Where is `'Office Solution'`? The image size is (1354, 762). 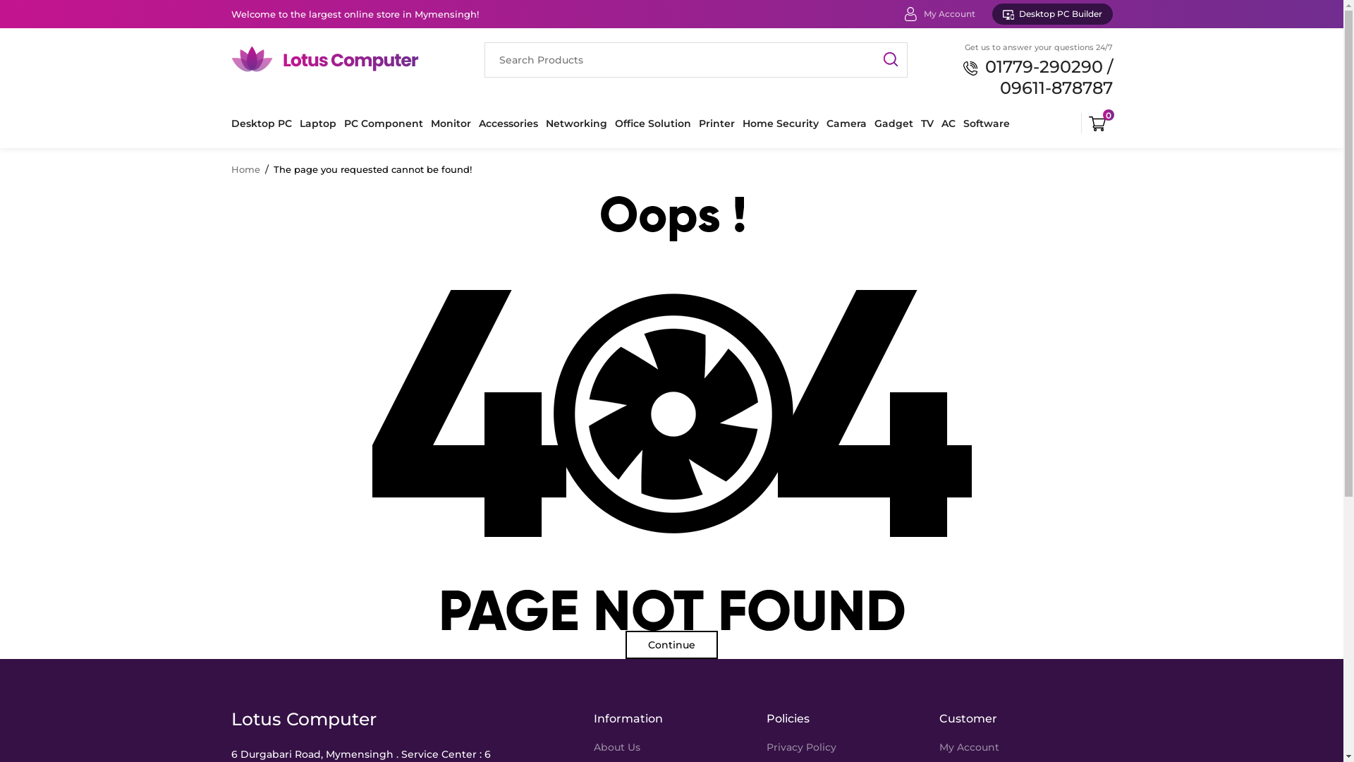 'Office Solution' is located at coordinates (652, 122).